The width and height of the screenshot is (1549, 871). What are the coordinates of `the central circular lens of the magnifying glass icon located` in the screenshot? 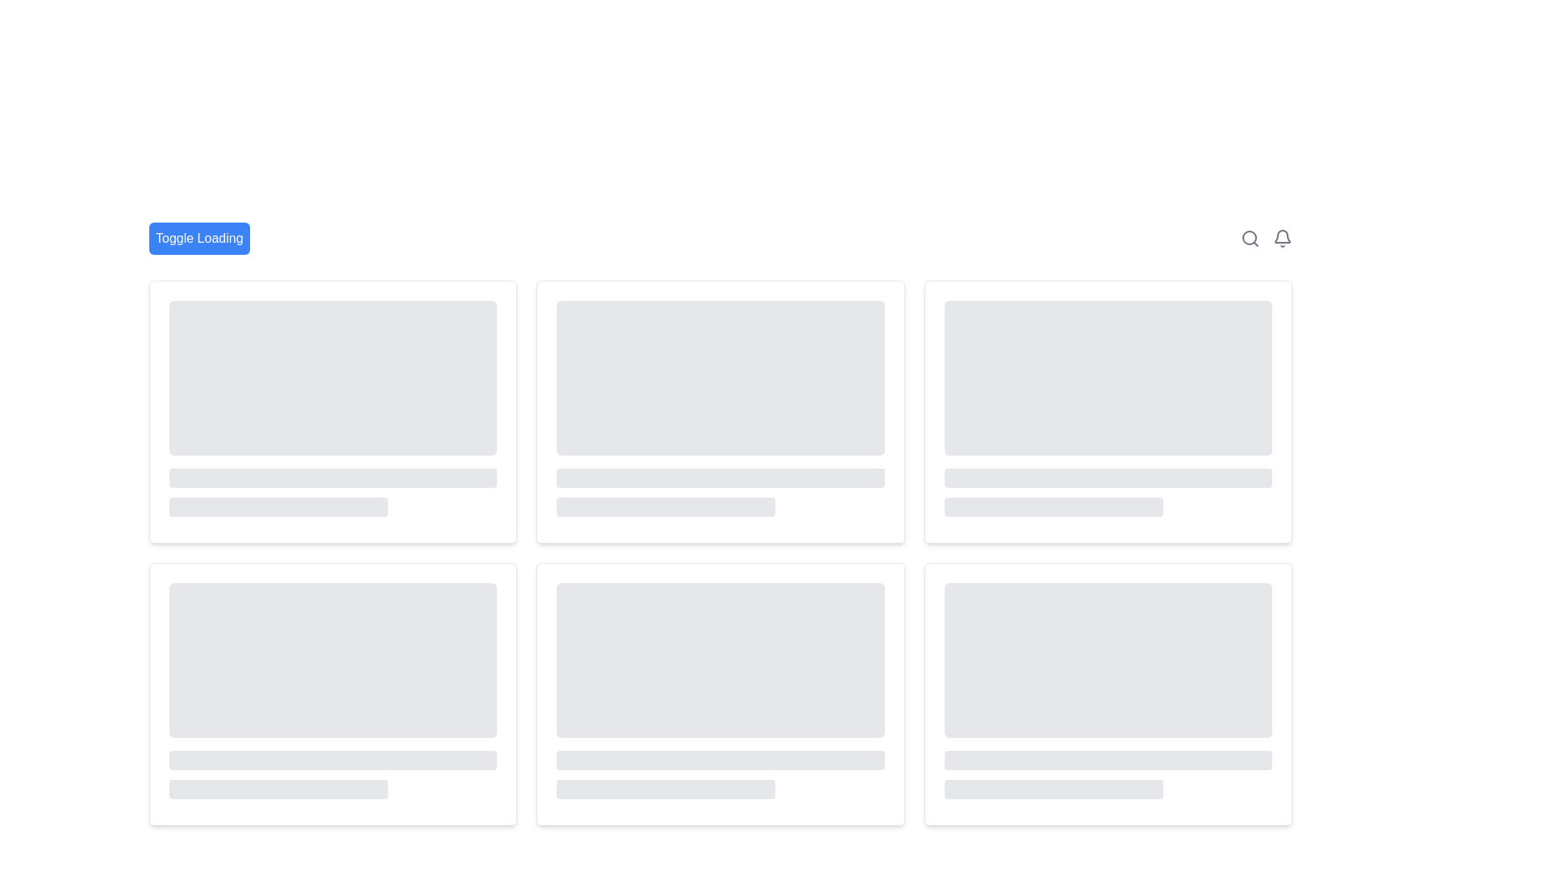 It's located at (1249, 237).